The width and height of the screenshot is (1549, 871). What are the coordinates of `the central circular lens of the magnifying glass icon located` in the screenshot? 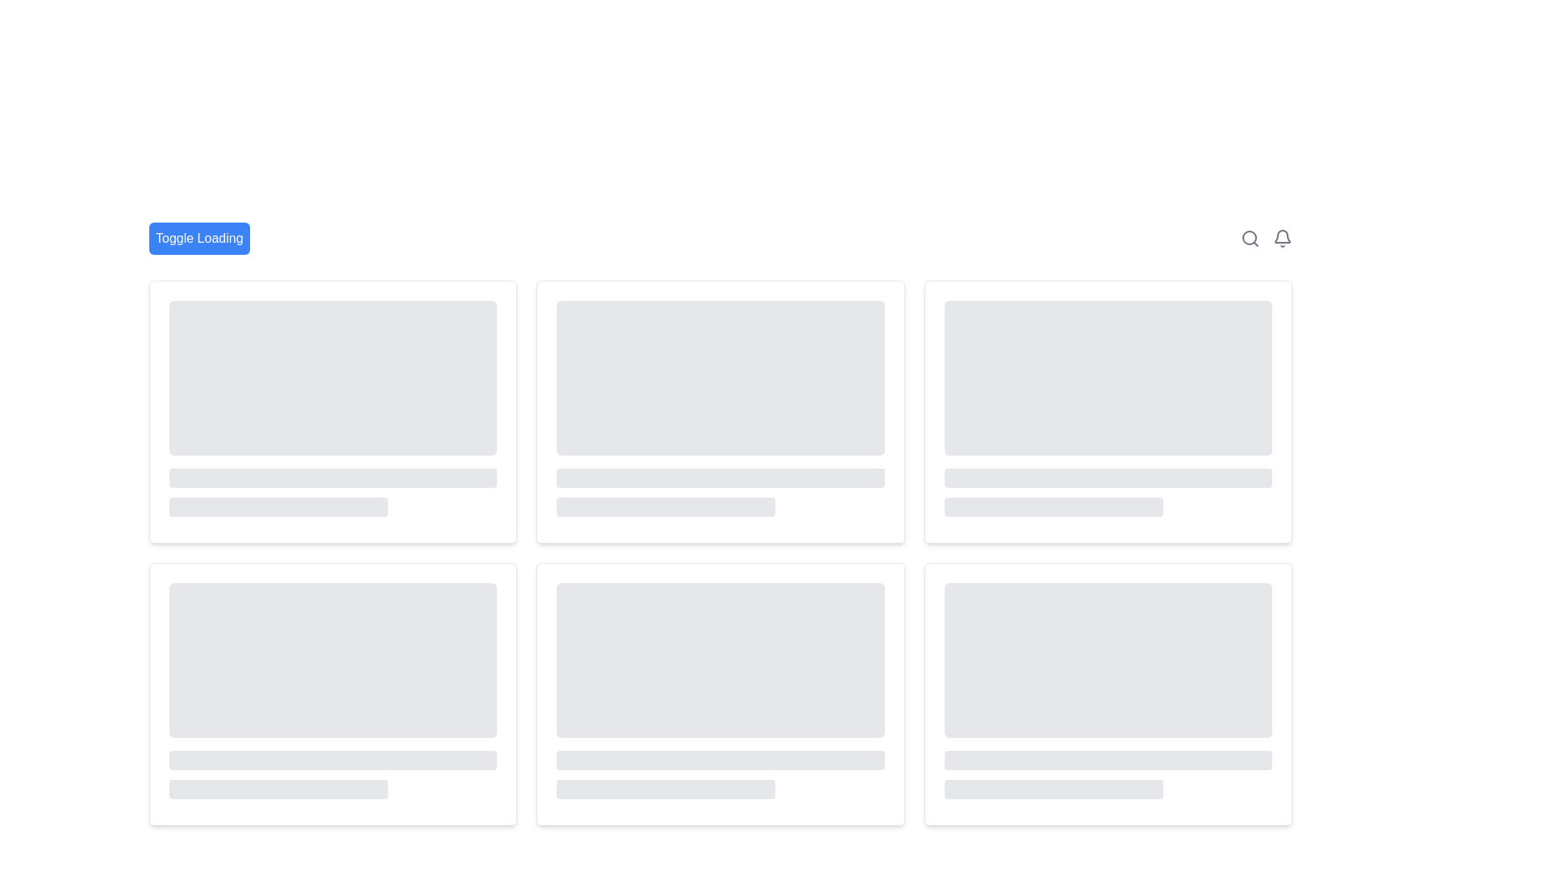 It's located at (1249, 237).